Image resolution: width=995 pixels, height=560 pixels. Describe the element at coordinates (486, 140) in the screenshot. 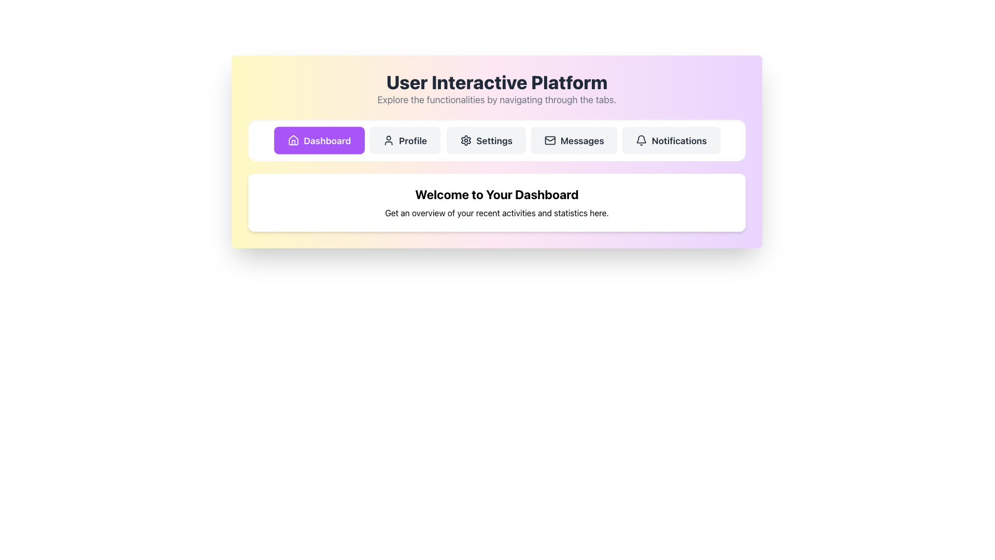

I see `the 'Settings' button, which is the third button in a horizontal list of five options (Dashboard, Profile, Settings, Messages, Notifications). It is located near the center of the top section of the interface` at that location.